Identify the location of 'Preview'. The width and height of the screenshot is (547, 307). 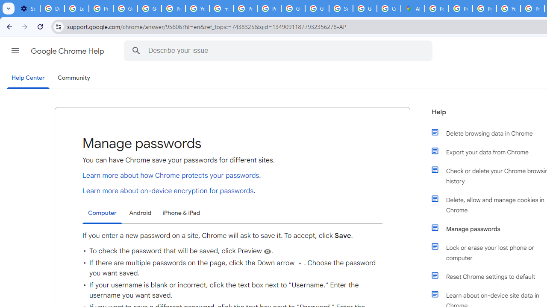
(267, 251).